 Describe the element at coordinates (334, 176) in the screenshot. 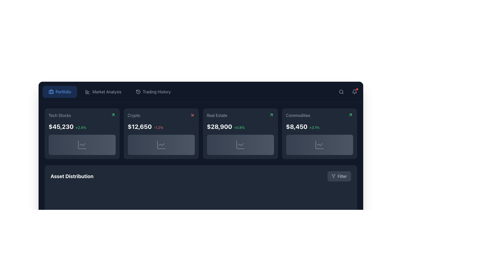

I see `the visual representation of the stylized icon resembling an inverted triangular funnel, located within the 'Filter' button in the bottom-right corner of the interface` at that location.